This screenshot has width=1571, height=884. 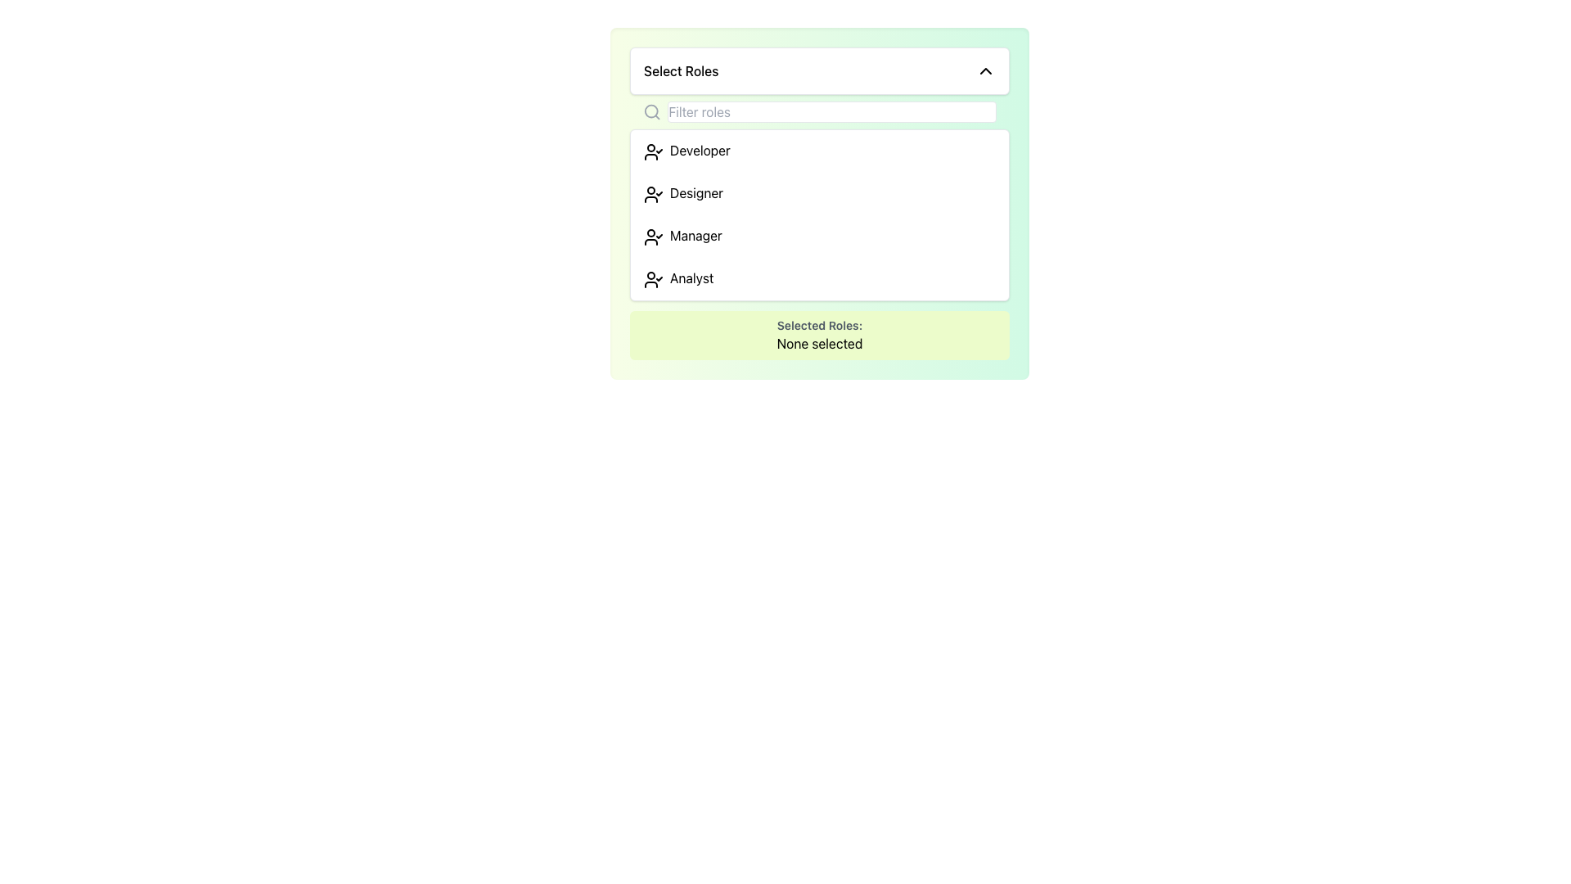 I want to click on the button located at the far right of the row labeled 'Developer' within the dropdown menu, so click(x=975, y=151).